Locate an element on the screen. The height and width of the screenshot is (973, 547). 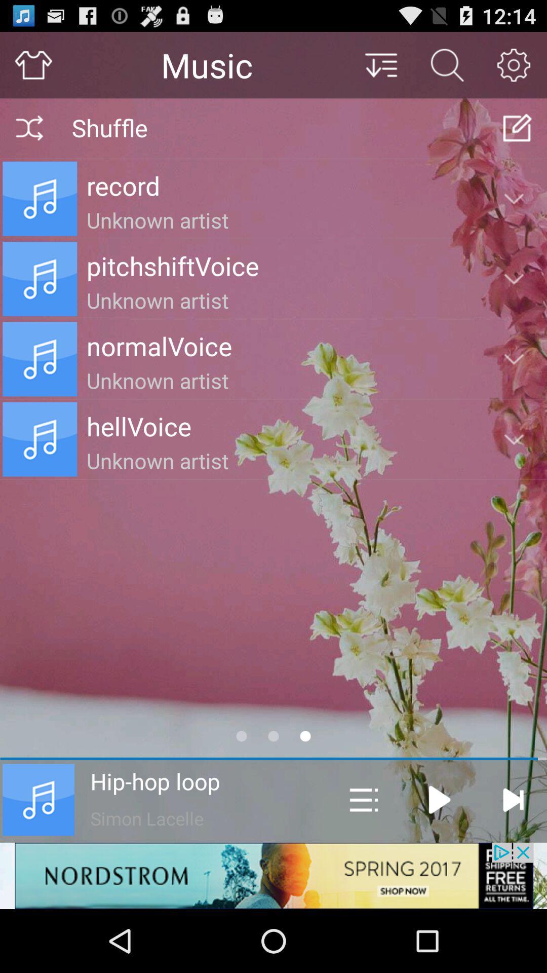
the skip_next icon is located at coordinates (513, 855).